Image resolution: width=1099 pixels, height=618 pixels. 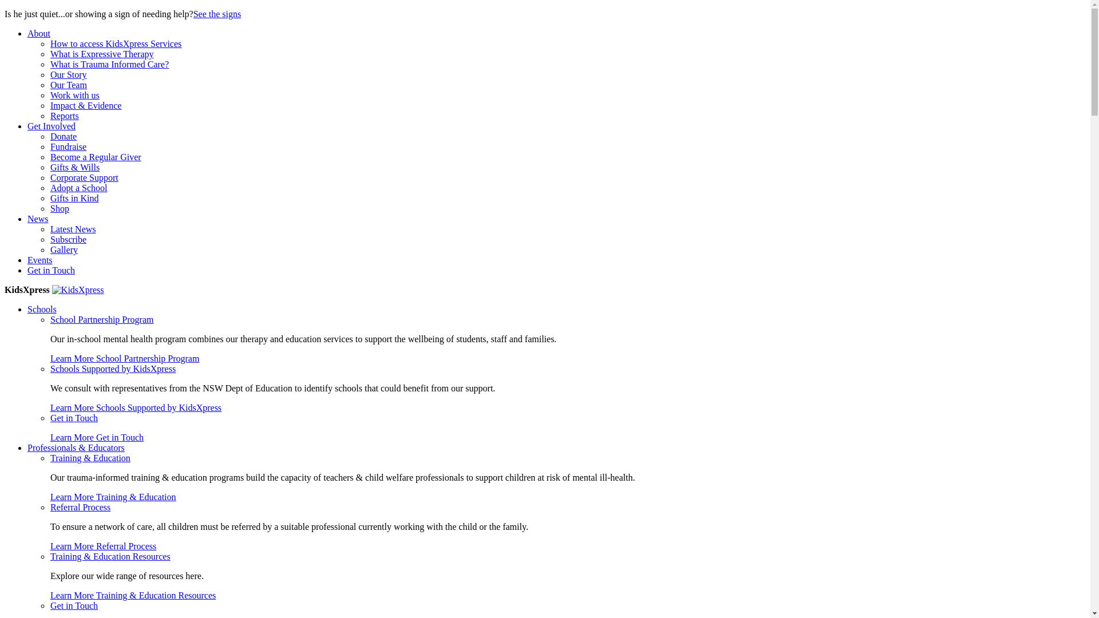 I want to click on 'Learn More School Partnership Program', so click(x=124, y=358).